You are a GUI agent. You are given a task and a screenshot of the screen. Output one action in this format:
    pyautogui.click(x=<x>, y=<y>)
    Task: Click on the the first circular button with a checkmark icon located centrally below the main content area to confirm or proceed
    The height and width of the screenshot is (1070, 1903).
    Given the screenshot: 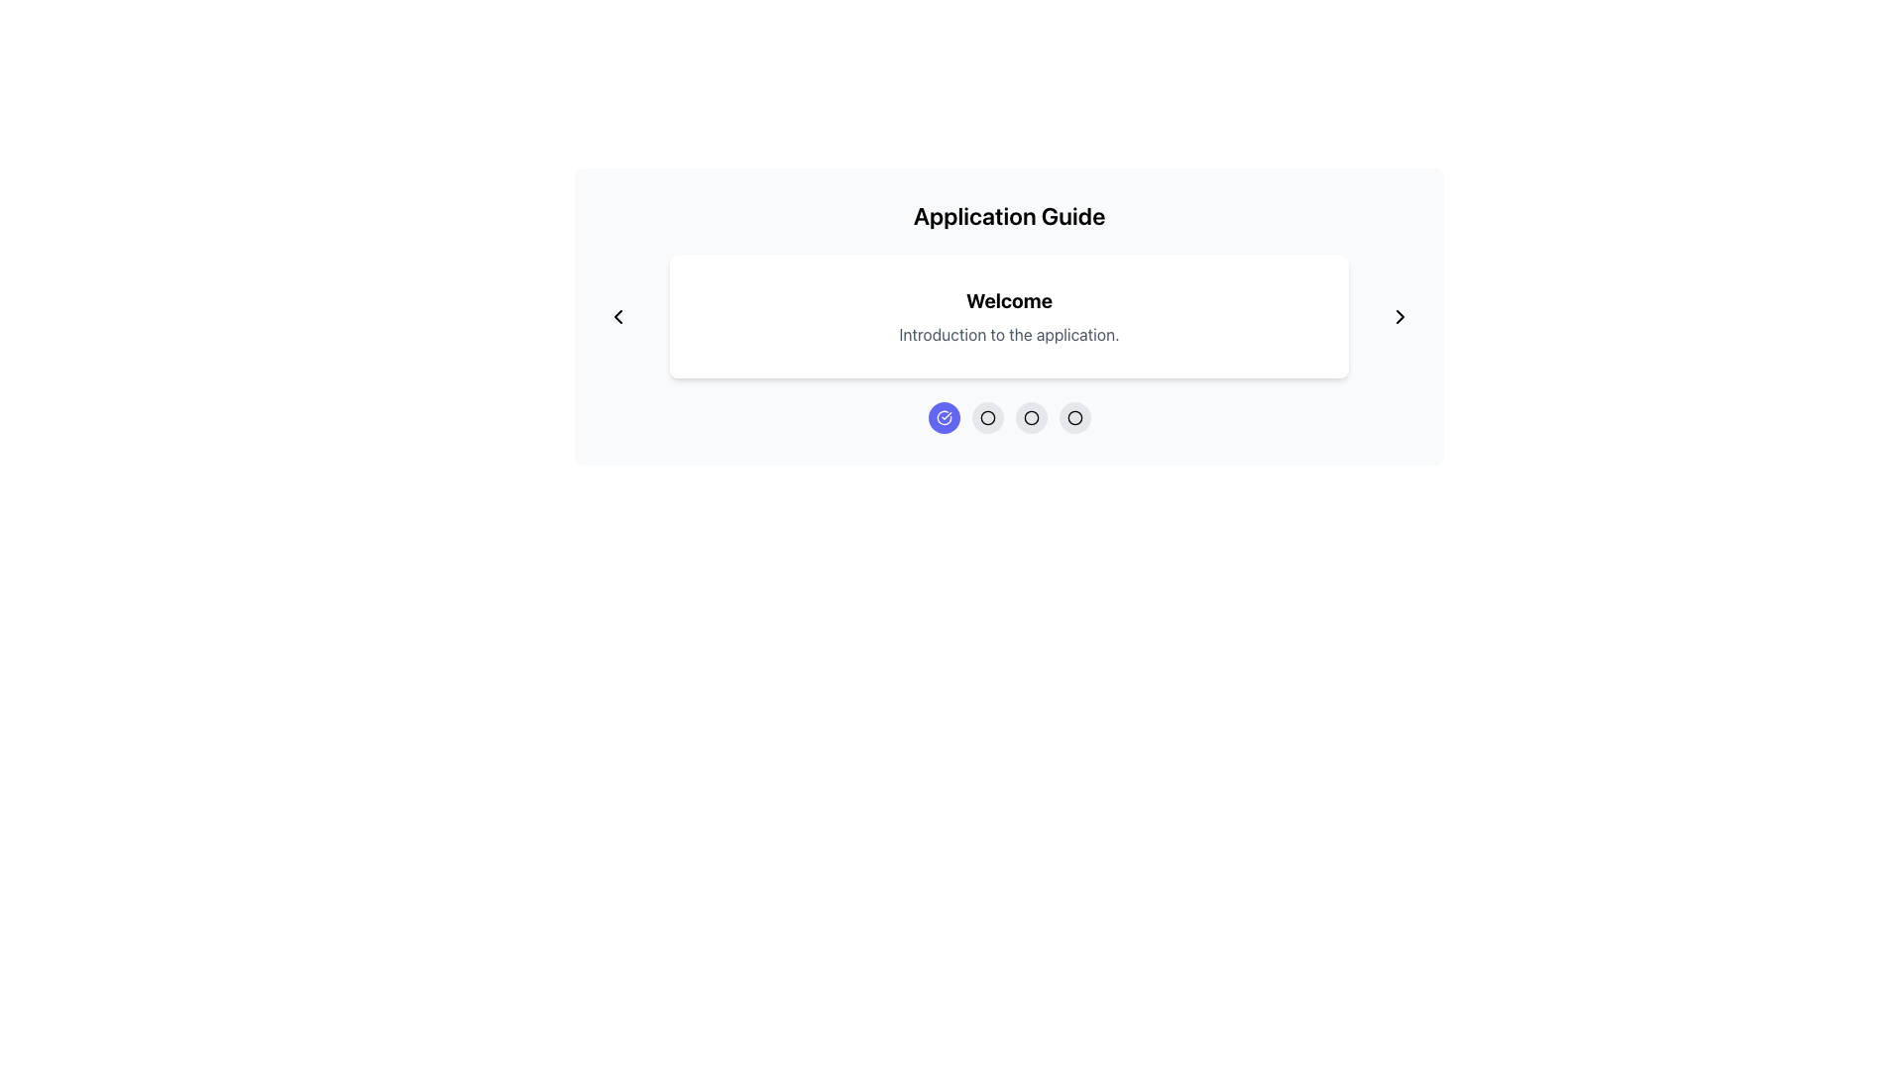 What is the action you would take?
    pyautogui.click(x=943, y=416)
    